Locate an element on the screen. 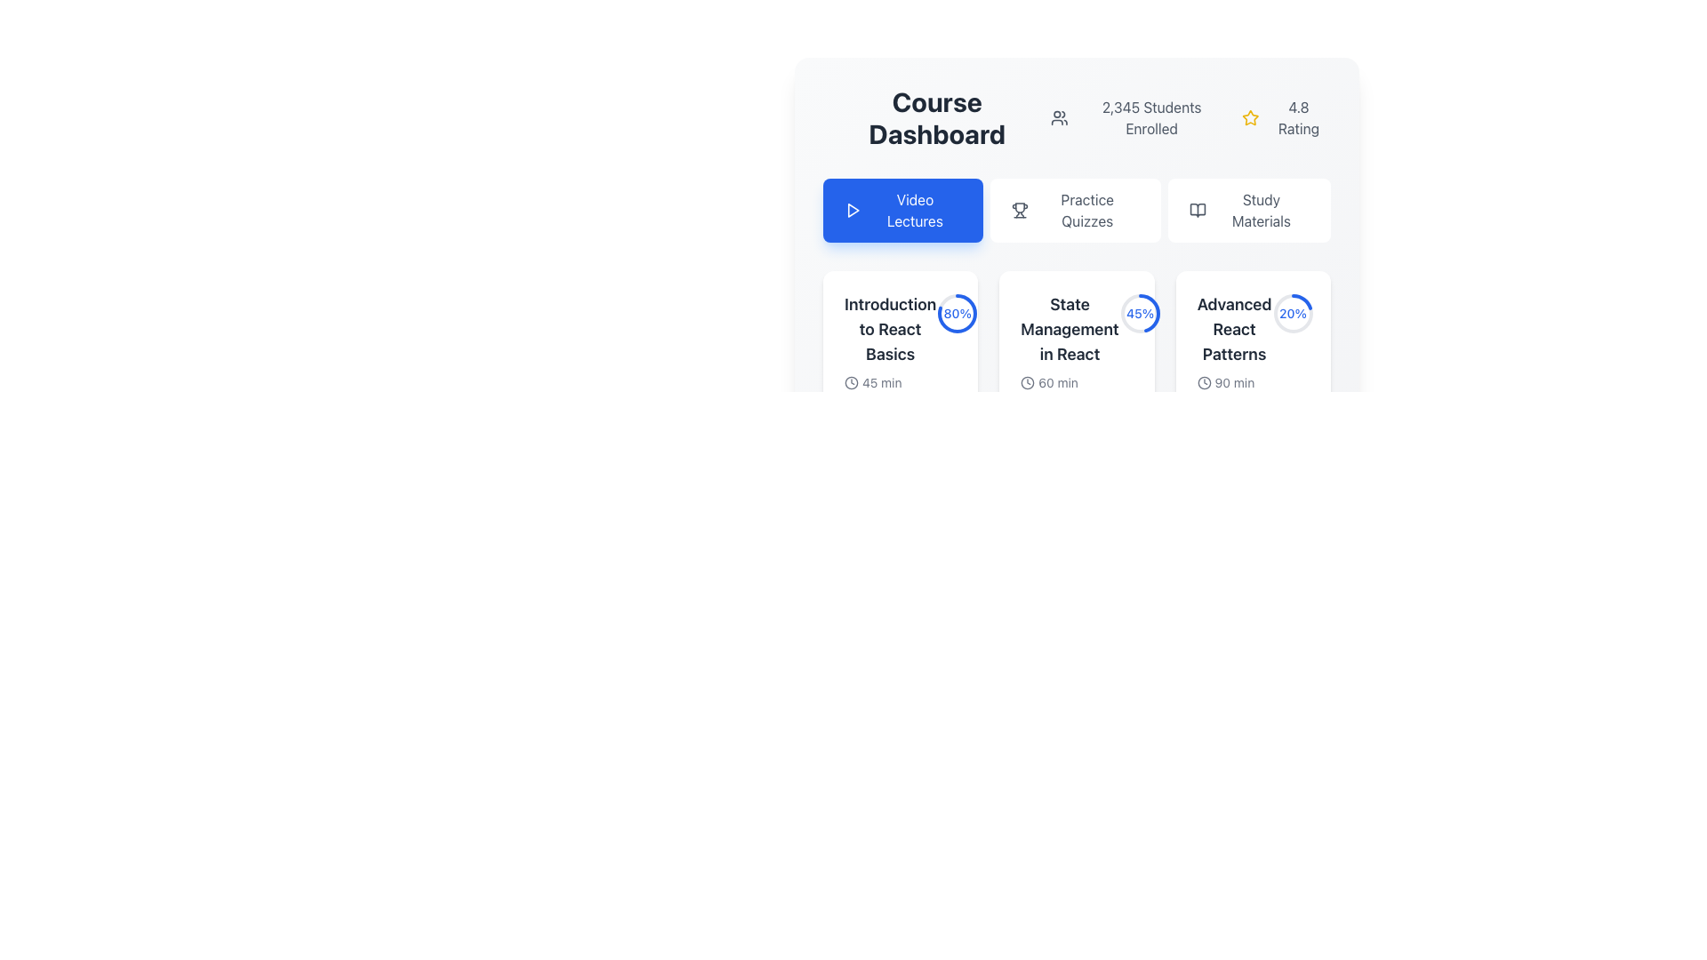 The width and height of the screenshot is (1707, 960). the open book icon located within the 'Study Materials' button, positioned to the left of the text is located at coordinates (1198, 209).